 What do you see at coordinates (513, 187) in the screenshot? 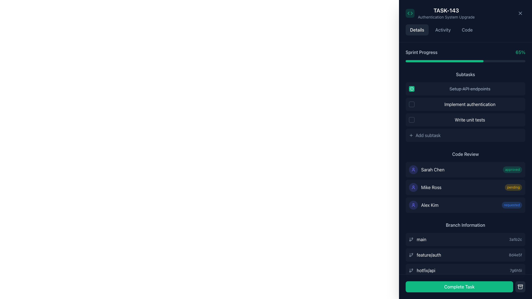
I see `the 'pending' badge, which is a small rectangular element with rounded corners located to the right of 'Mike Ross' in the 'Code Review' section` at bounding box center [513, 187].